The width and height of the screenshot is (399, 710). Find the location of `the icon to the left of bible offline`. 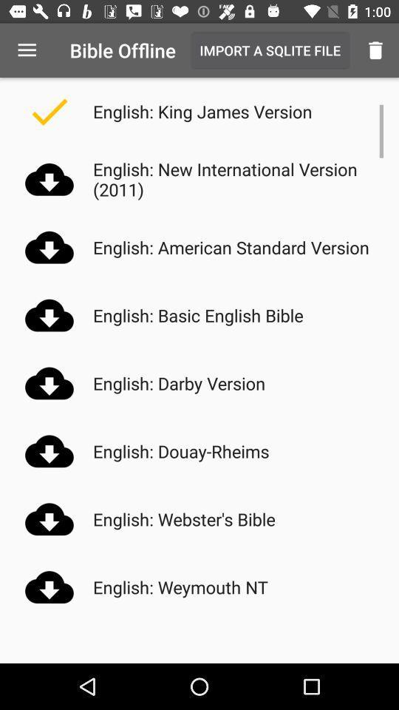

the icon to the left of bible offline is located at coordinates (27, 50).